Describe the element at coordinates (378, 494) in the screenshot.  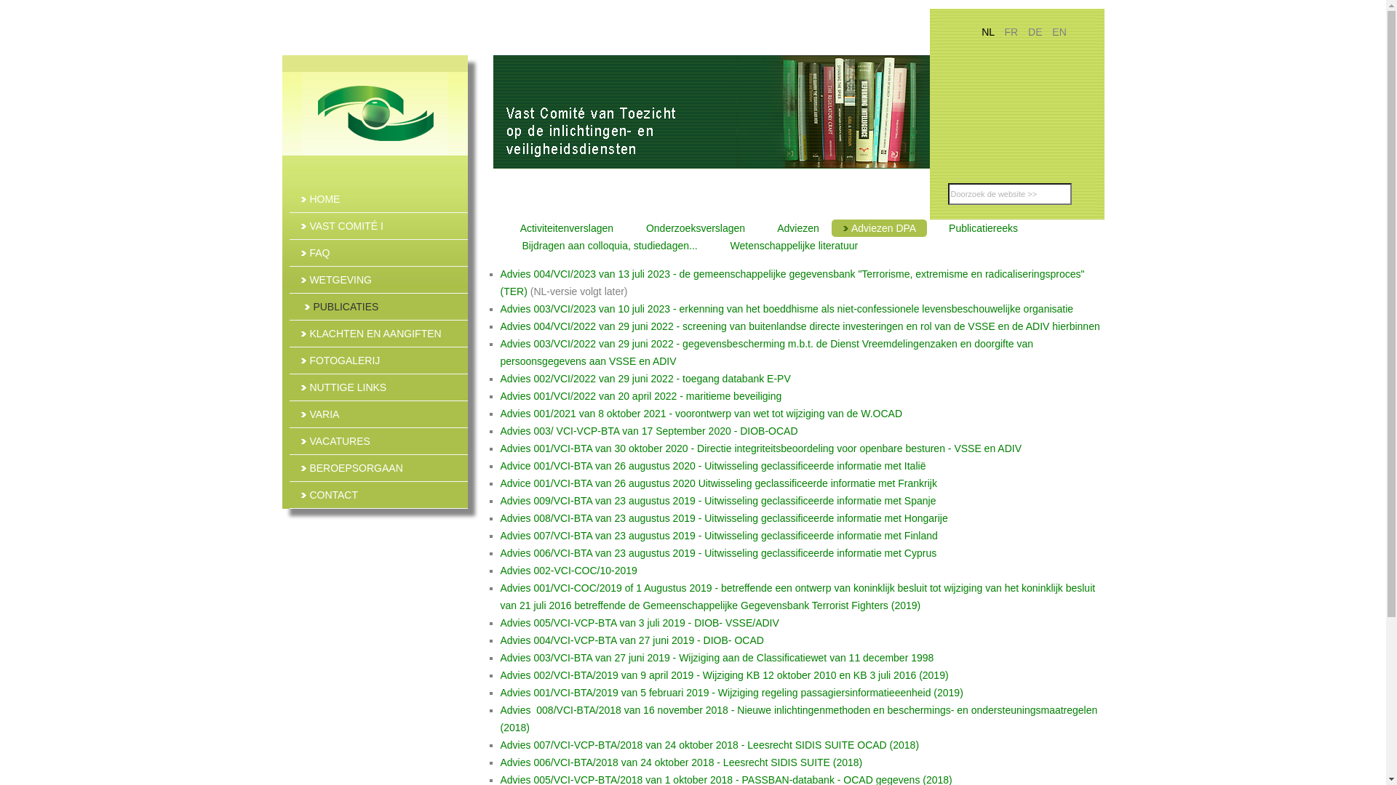
I see `'CONTACT'` at that location.